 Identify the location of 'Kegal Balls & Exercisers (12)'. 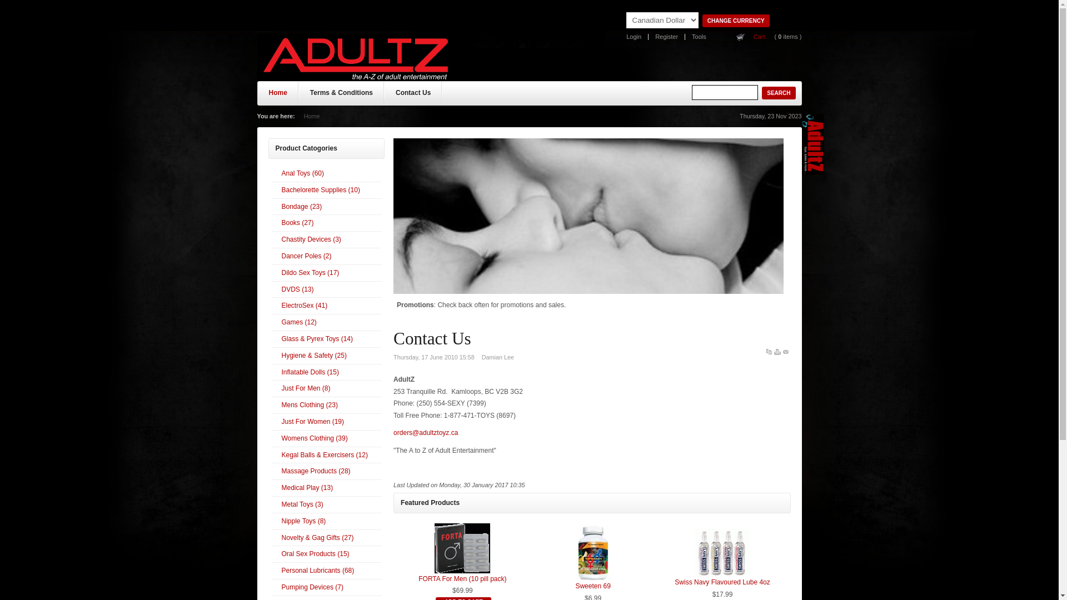
(325, 456).